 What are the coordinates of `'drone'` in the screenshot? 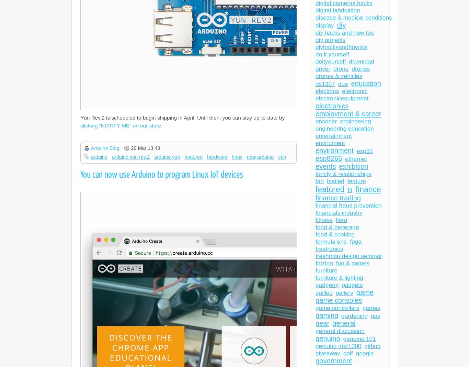 It's located at (341, 69).